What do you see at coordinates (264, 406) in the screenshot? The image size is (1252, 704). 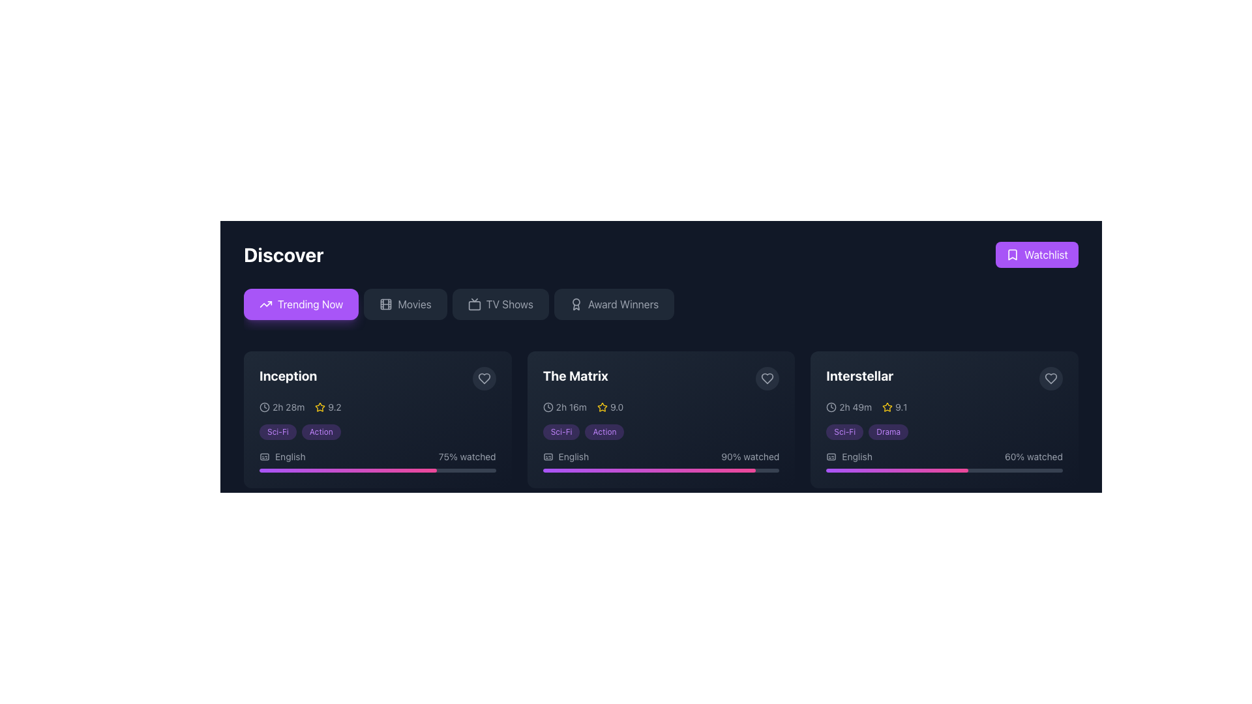 I see `the small circular clock icon located in the card for the movie 'Inception', positioned at the top-left corner beneath the movie title` at bounding box center [264, 406].